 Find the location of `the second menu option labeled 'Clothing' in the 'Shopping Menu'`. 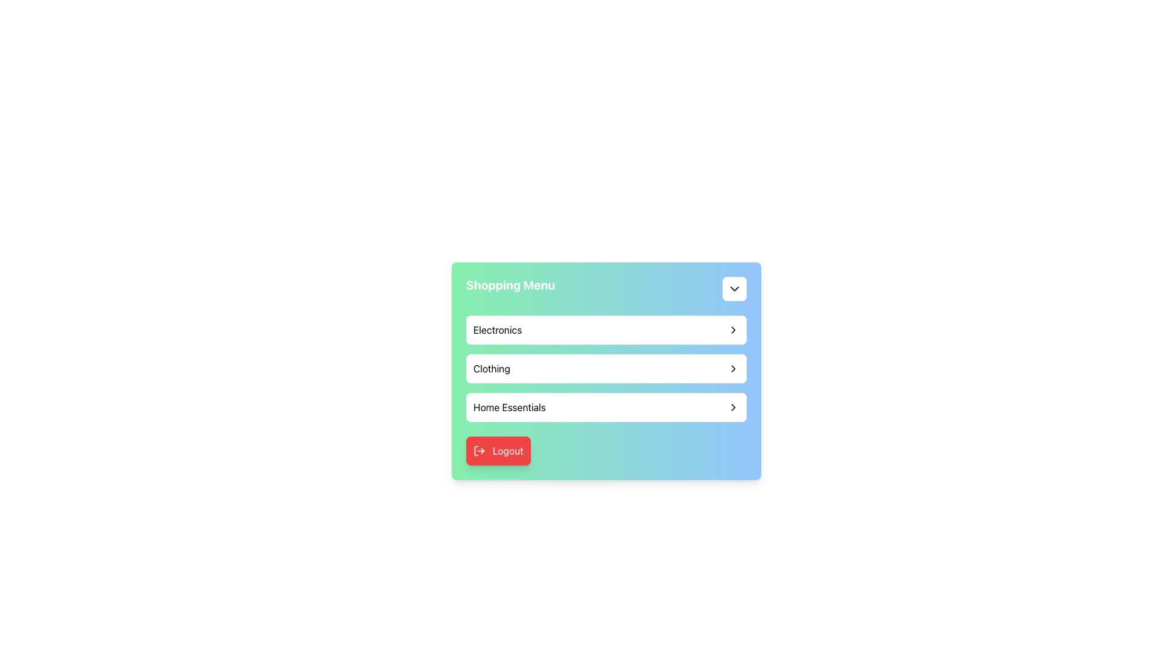

the second menu option labeled 'Clothing' in the 'Shopping Menu' is located at coordinates (607, 370).